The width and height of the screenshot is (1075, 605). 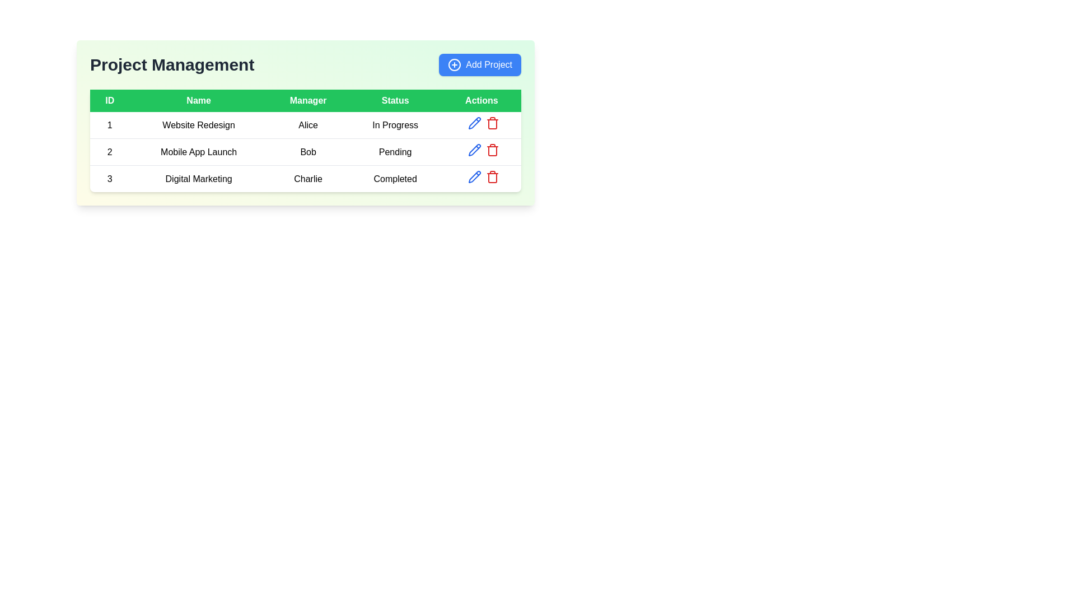 I want to click on the static text label displaying 'Completed' in the 'Status' column of the table corresponding to the 'Digital Marketing' row, so click(x=395, y=178).